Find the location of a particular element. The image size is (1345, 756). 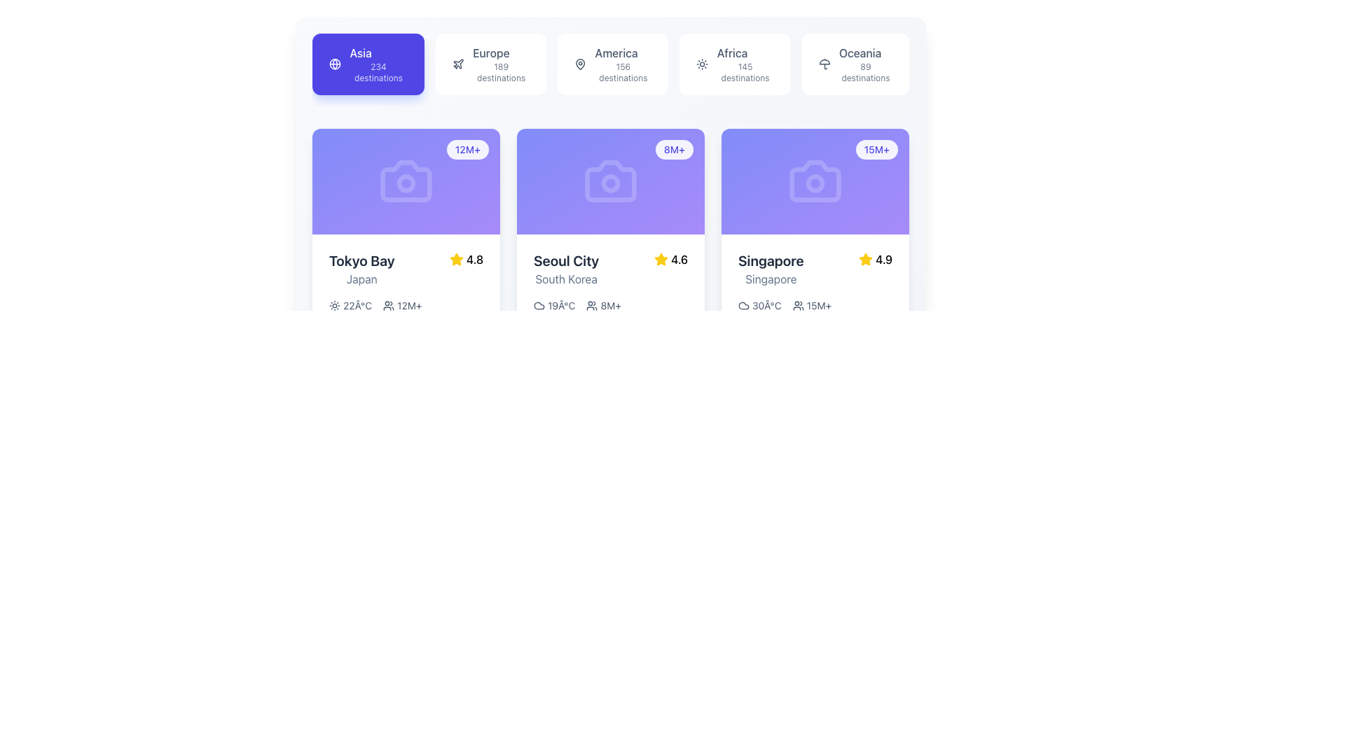

the interactive button for selecting the region 'Oceania' is located at coordinates (855, 64).